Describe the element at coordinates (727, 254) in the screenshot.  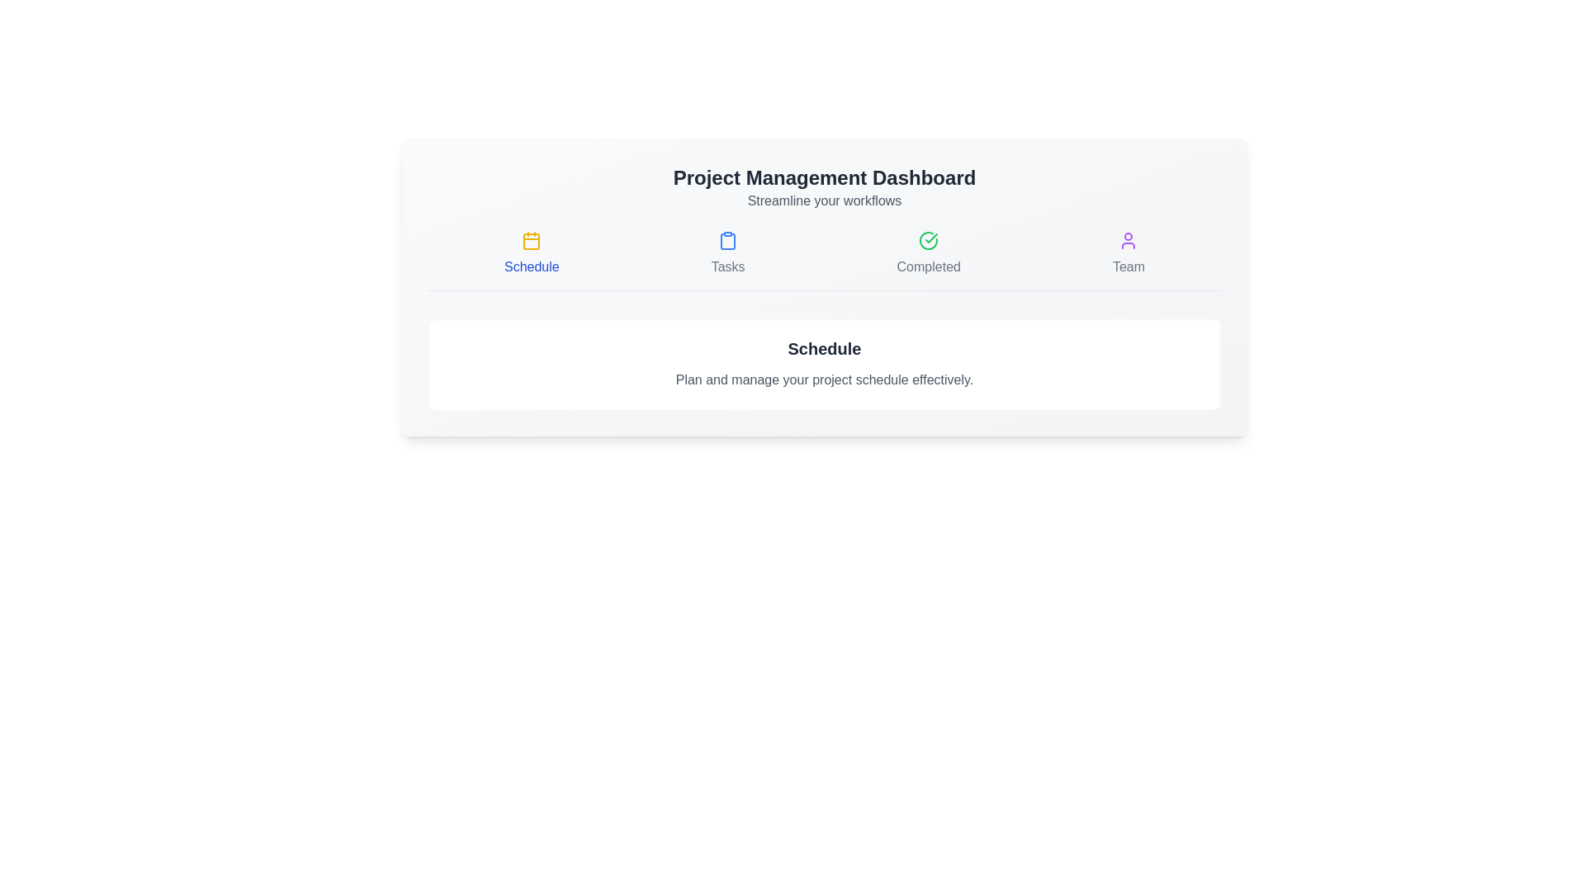
I see `the tab icon corresponding to Tasks` at that location.